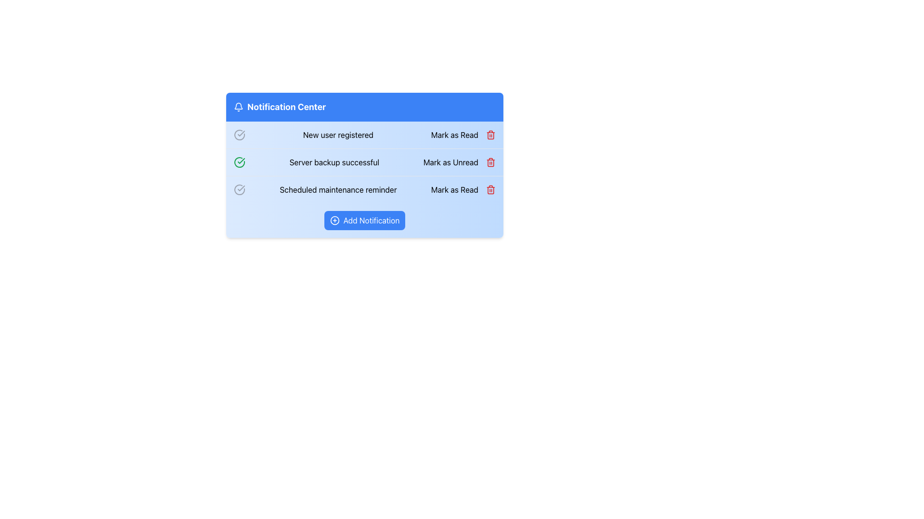  What do you see at coordinates (364, 221) in the screenshot?
I see `the button located in the 'Notification Center' section` at bounding box center [364, 221].